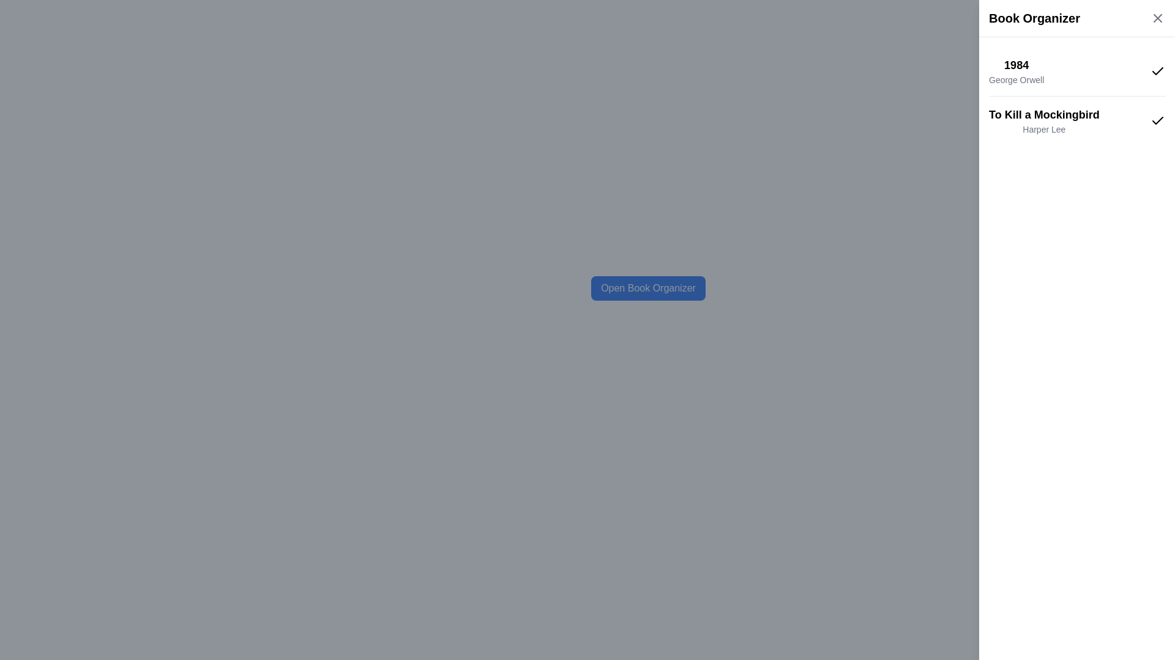 The image size is (1175, 660). I want to click on the bold, large-sized text element reading 'Book Organizer' located in the title header area of the sidebar, so click(1034, 18).